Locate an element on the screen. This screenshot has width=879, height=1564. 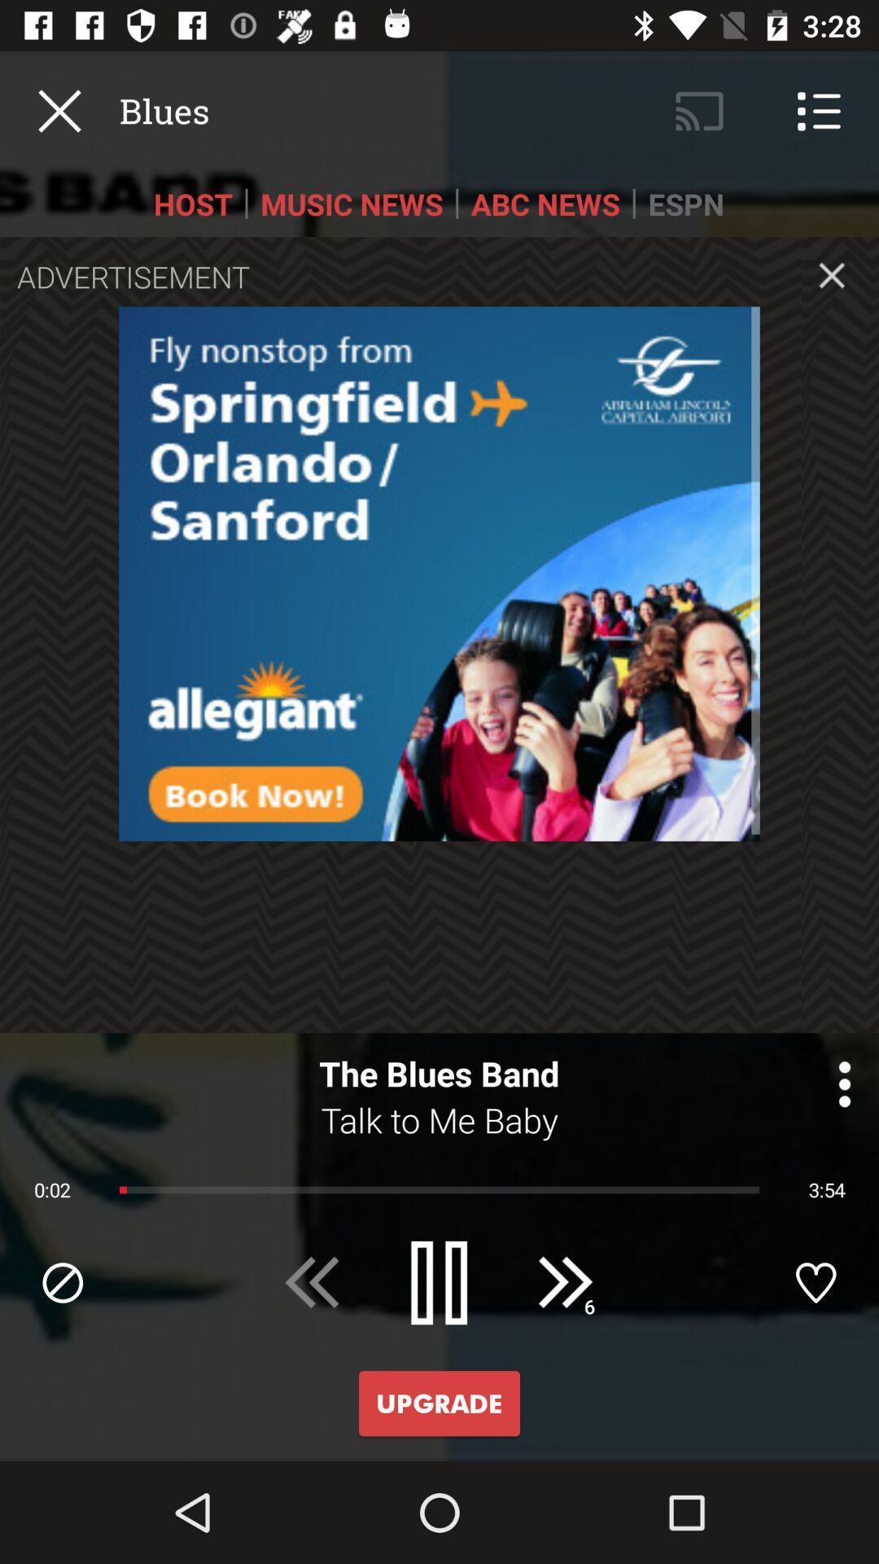
the list icon is located at coordinates (819, 110).